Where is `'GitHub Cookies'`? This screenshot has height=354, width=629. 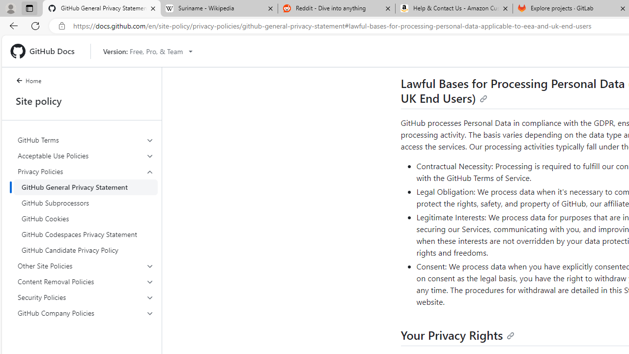 'GitHub Cookies' is located at coordinates (86, 218).